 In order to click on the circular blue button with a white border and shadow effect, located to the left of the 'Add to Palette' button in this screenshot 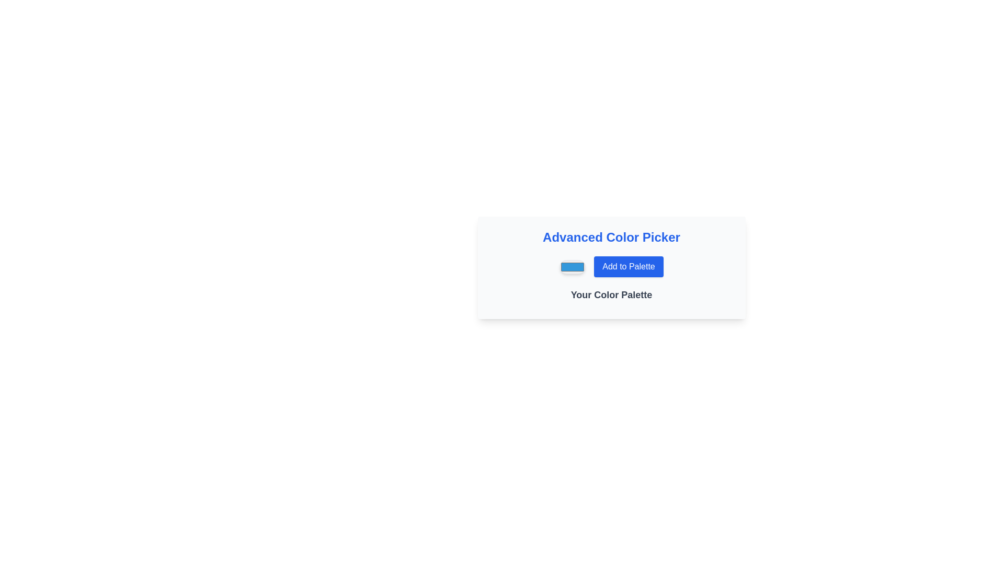, I will do `click(572, 266)`.